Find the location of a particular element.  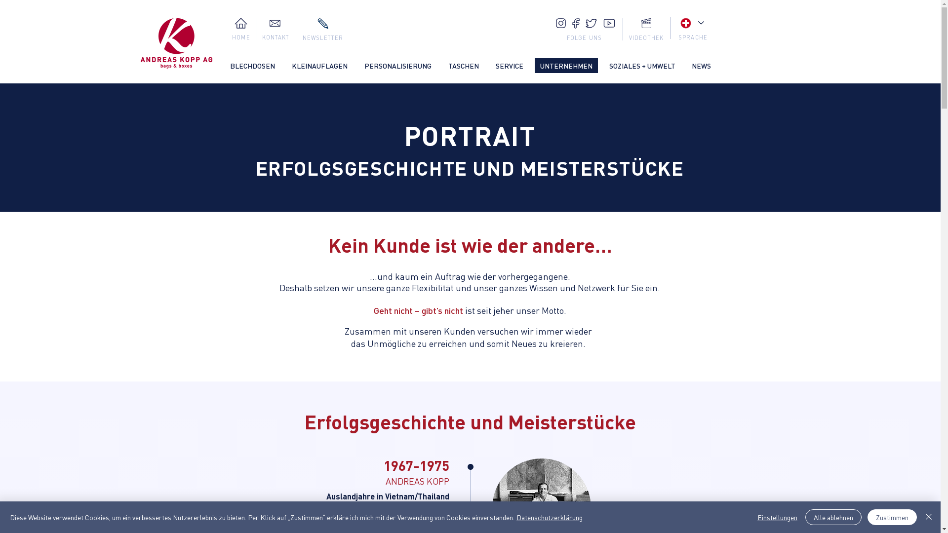

'BLECHDOSEN' is located at coordinates (252, 65).